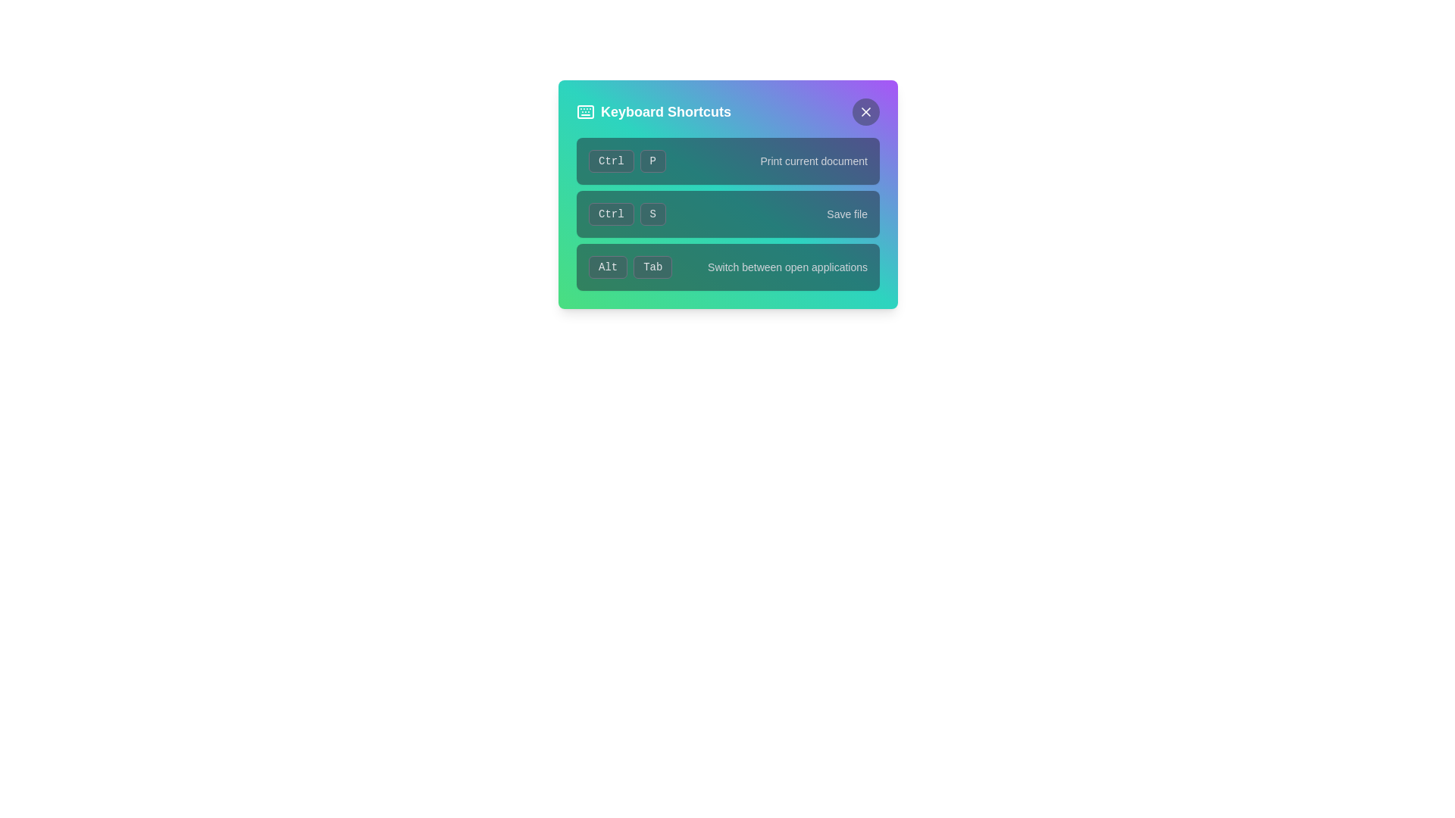  What do you see at coordinates (813, 161) in the screenshot?
I see `the non-interactive label providing the description of the keyboard shortcut 'Ctrl + P' in the Keyboard Shortcuts panel, located to the right of the keys 'Ctrl' and 'P'` at bounding box center [813, 161].